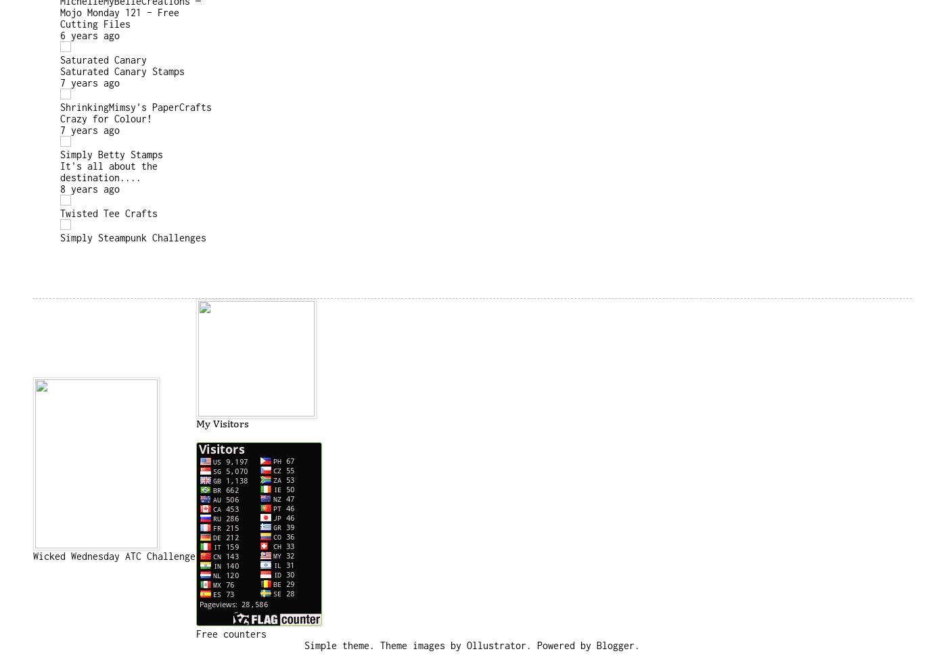  Describe the element at coordinates (496, 644) in the screenshot. I see `'Ollustrator'` at that location.